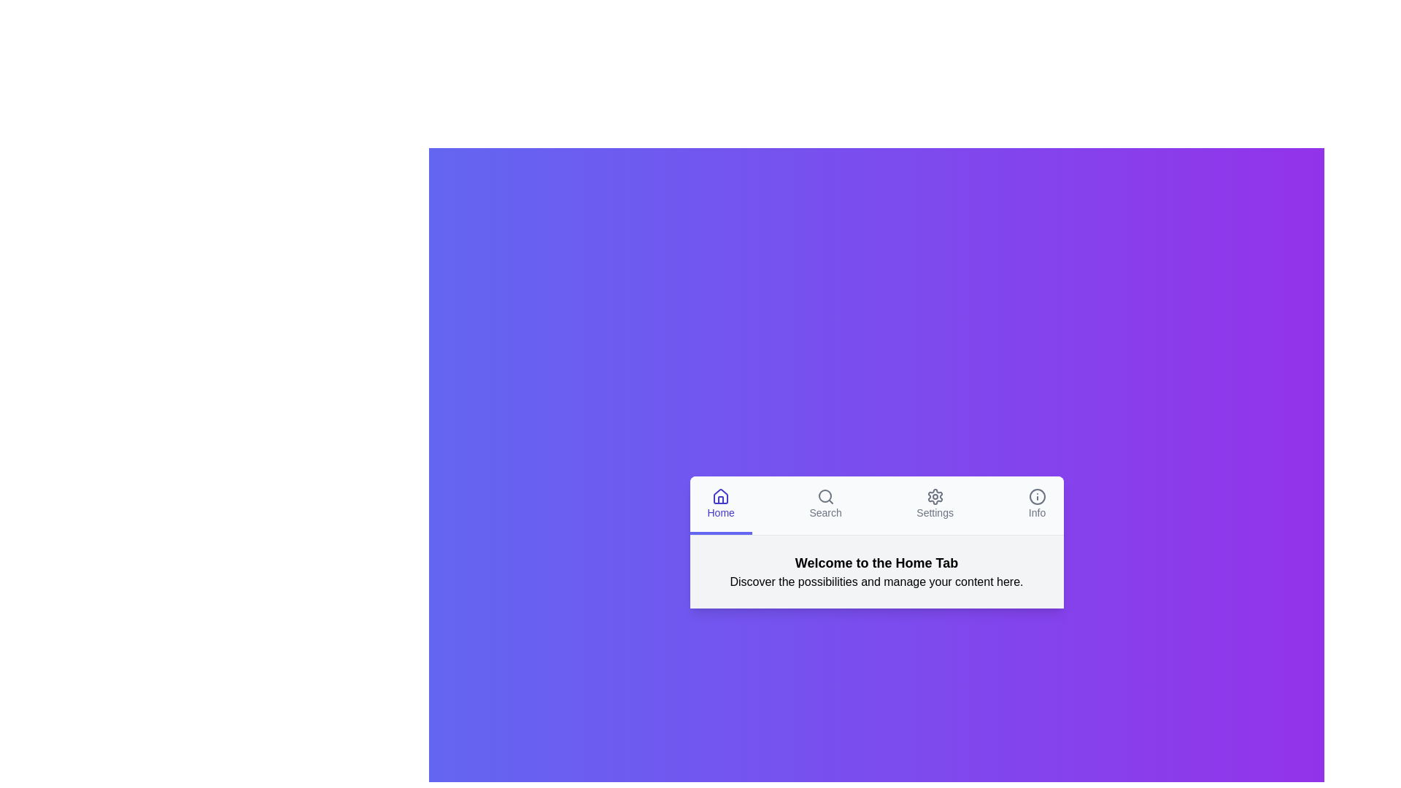 Image resolution: width=1401 pixels, height=788 pixels. What do you see at coordinates (721, 495) in the screenshot?
I see `the 'Home' SVG icon in the bottom navigation bar` at bounding box center [721, 495].